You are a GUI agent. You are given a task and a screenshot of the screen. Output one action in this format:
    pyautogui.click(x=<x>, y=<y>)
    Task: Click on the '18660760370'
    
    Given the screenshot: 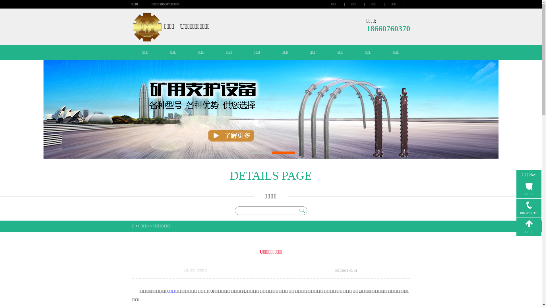 What is the action you would take?
    pyautogui.click(x=529, y=208)
    